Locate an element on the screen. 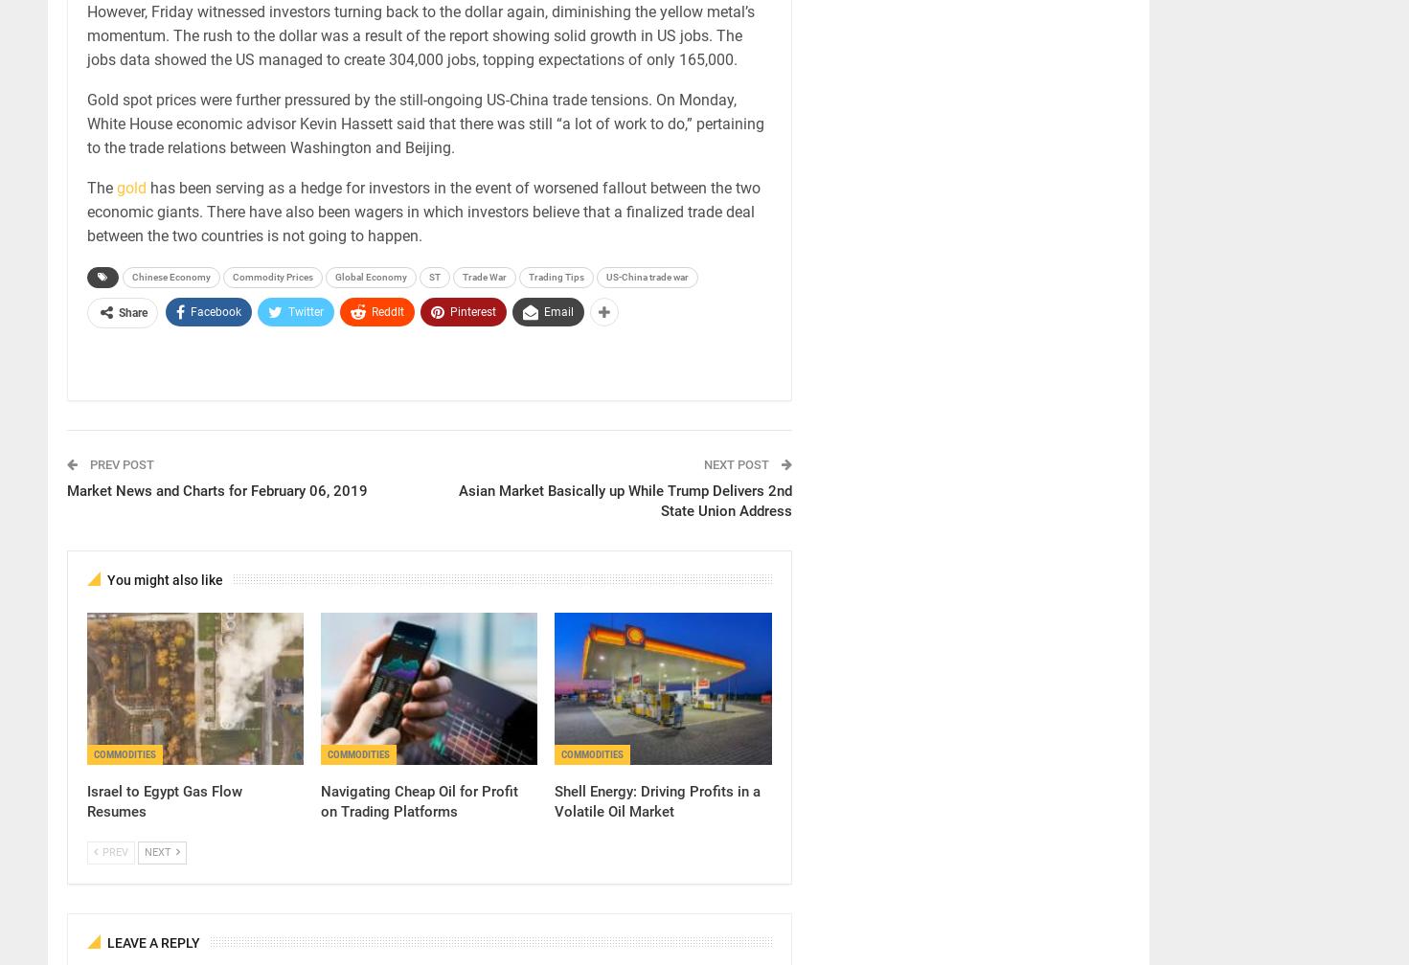 Image resolution: width=1409 pixels, height=965 pixels. 'Leave A Reply' is located at coordinates (153, 942).